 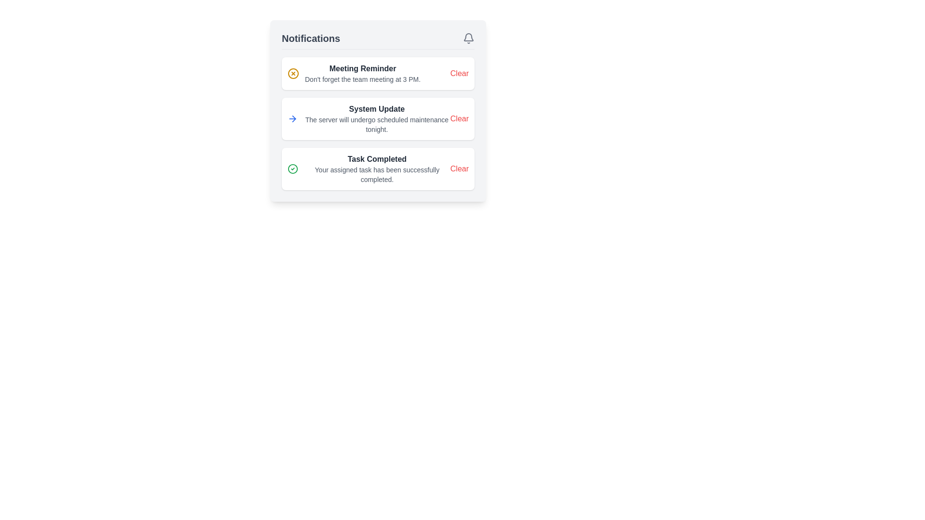 I want to click on the second notification in the list, which informs the user about scheduled server maintenance and has a 'Clear' link to dismiss it, so click(x=378, y=123).